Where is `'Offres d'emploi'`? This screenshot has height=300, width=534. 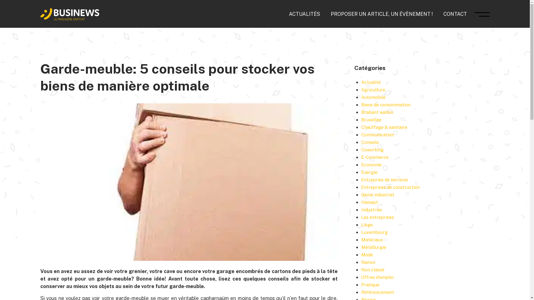 'Offres d'emploi' is located at coordinates (377, 277).